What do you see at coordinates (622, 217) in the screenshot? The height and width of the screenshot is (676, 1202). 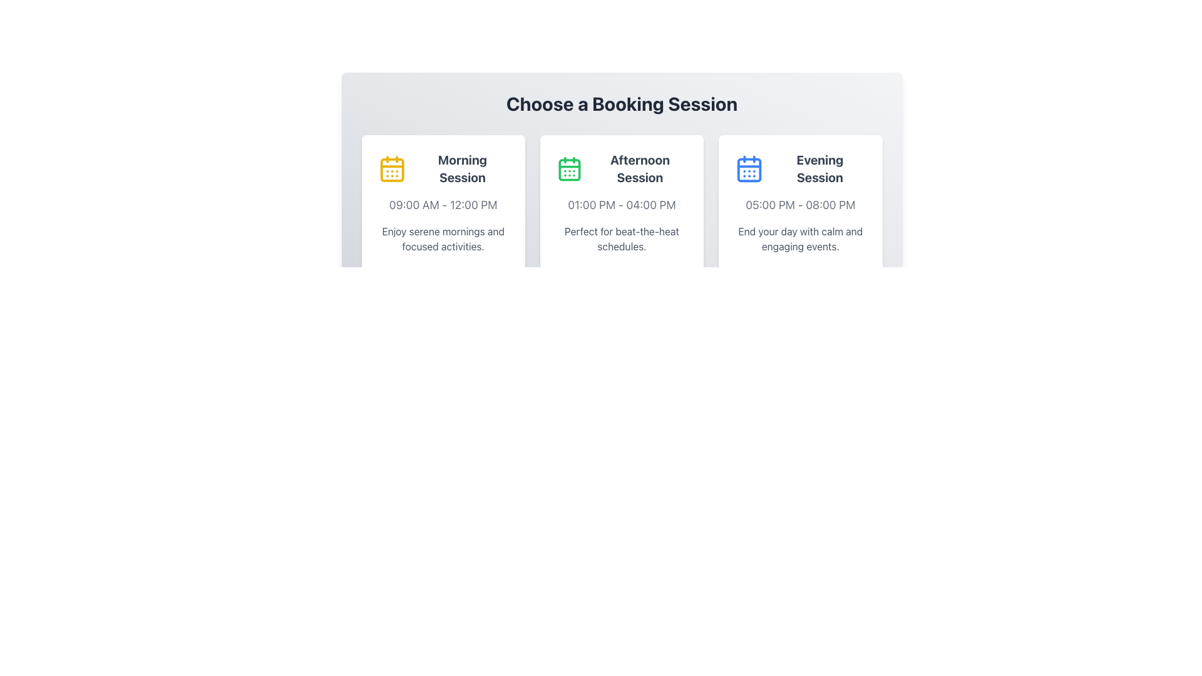 I see `the 'Afternoon Session' card, which is the second card` at bounding box center [622, 217].